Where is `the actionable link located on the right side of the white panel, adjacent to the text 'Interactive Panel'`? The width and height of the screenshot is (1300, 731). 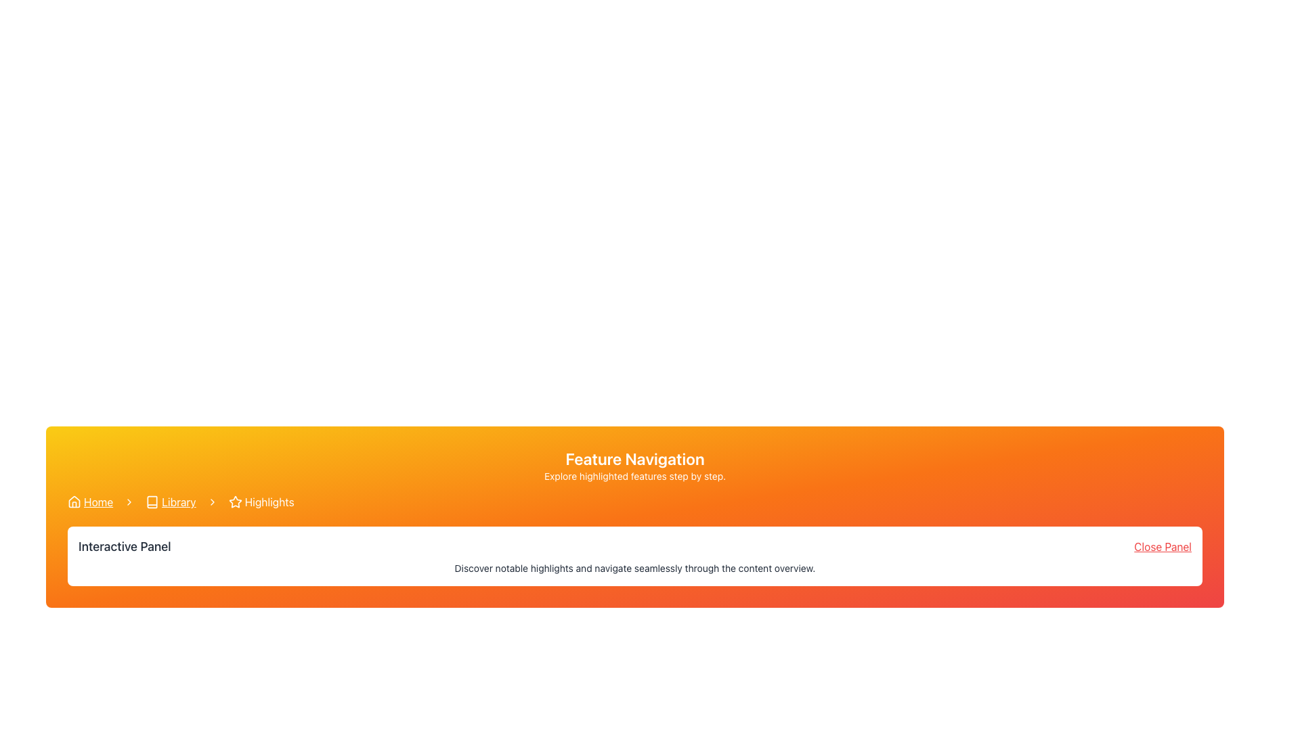 the actionable link located on the right side of the white panel, adjacent to the text 'Interactive Panel' is located at coordinates (1162, 546).